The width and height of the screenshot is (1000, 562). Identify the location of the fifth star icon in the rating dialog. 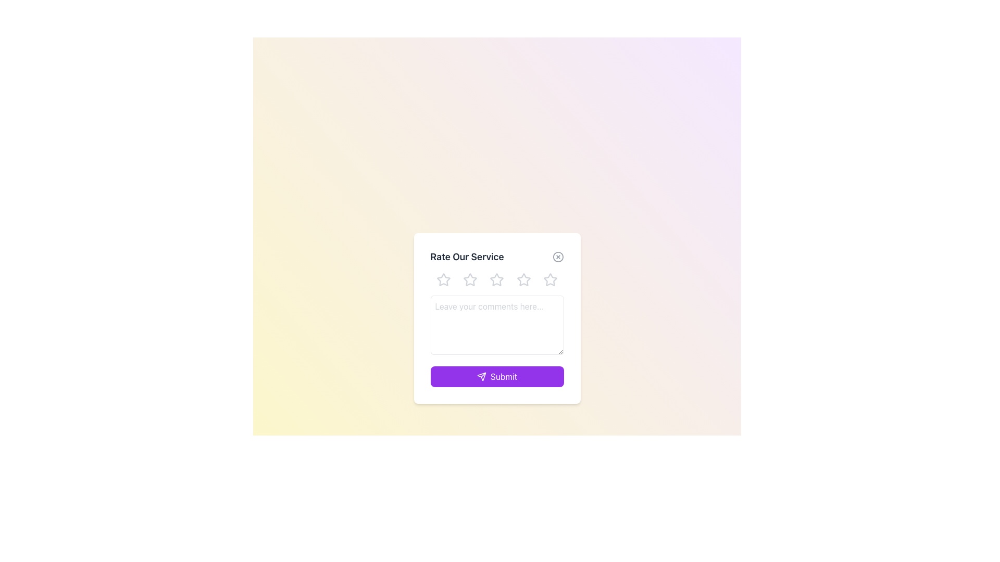
(549, 279).